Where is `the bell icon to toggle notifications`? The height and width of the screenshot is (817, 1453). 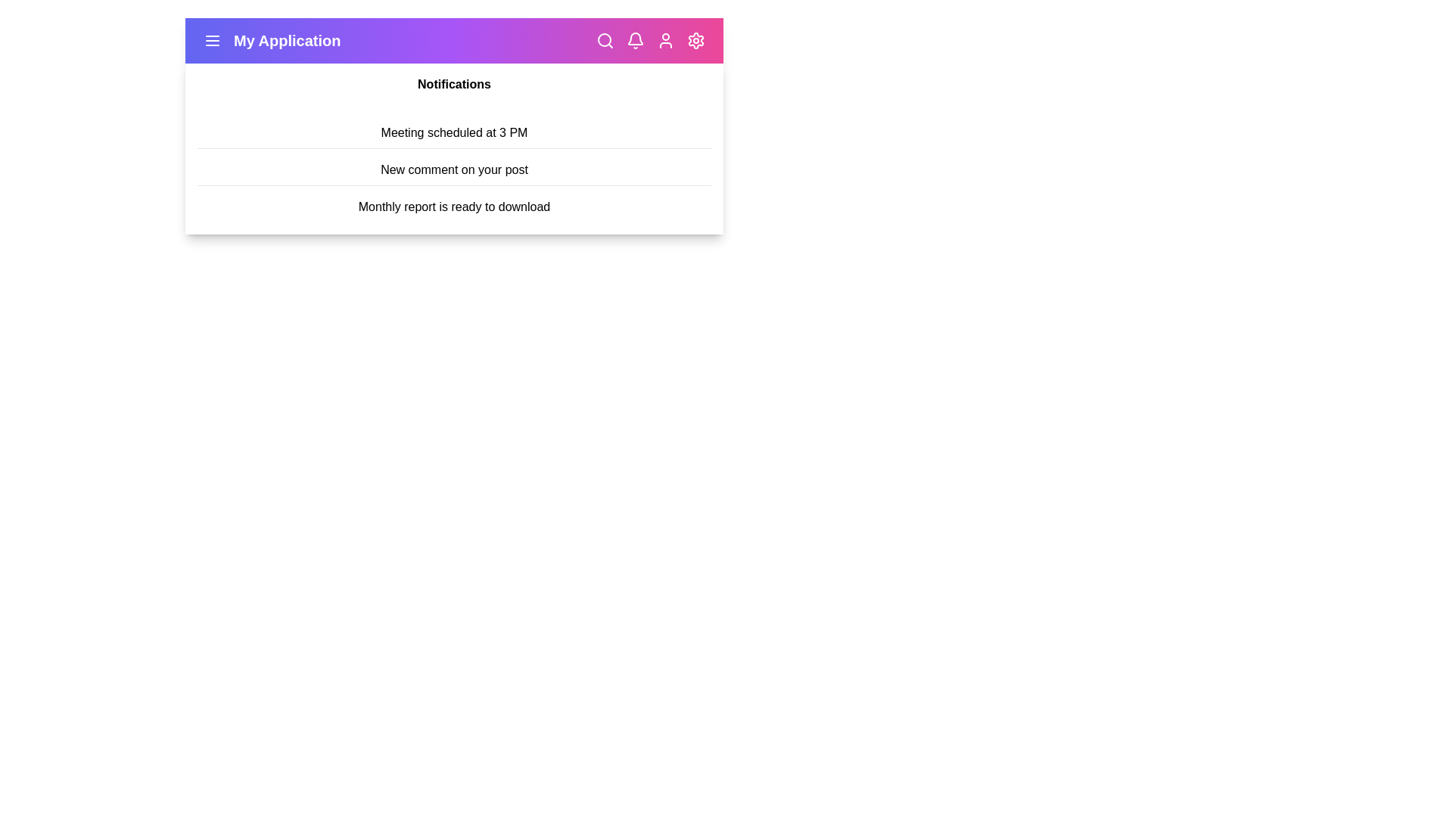 the bell icon to toggle notifications is located at coordinates (636, 40).